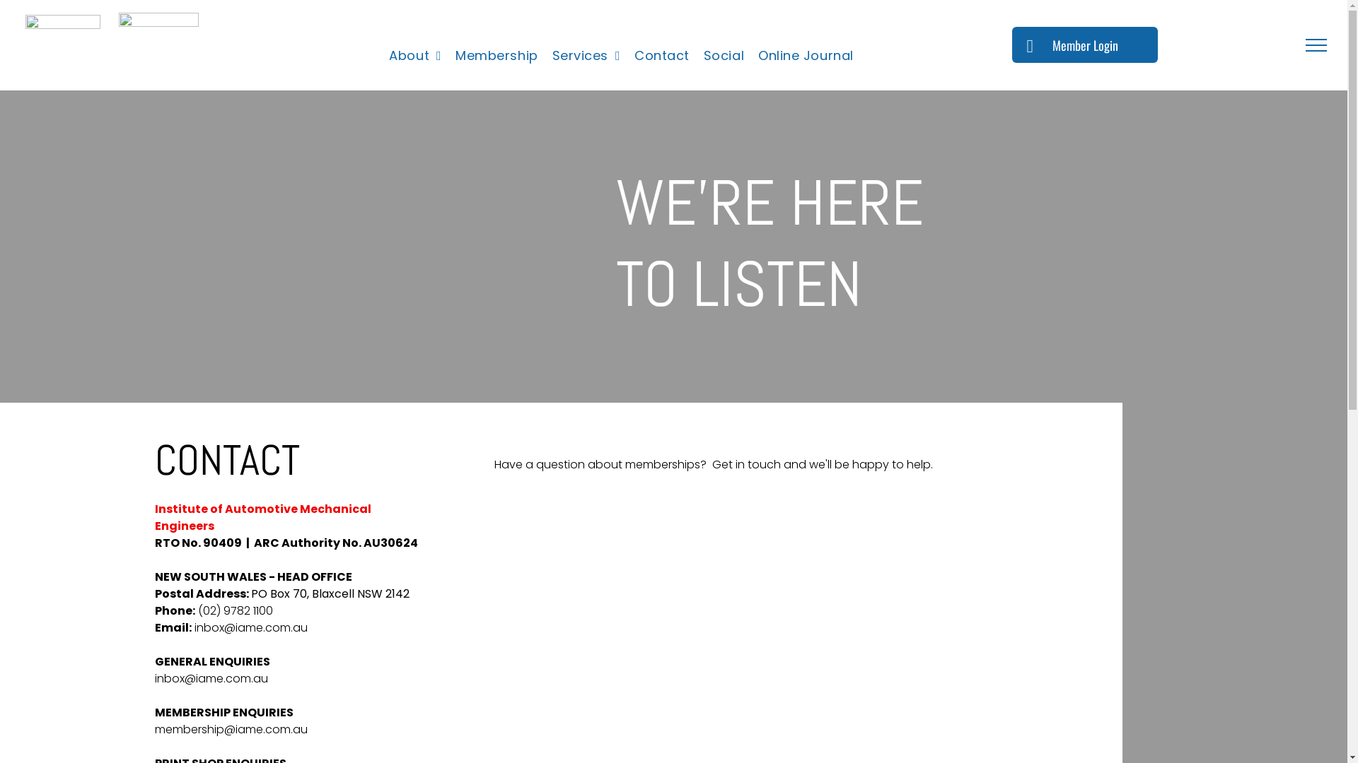 Image resolution: width=1358 pixels, height=763 pixels. I want to click on 'Social', so click(724, 54).